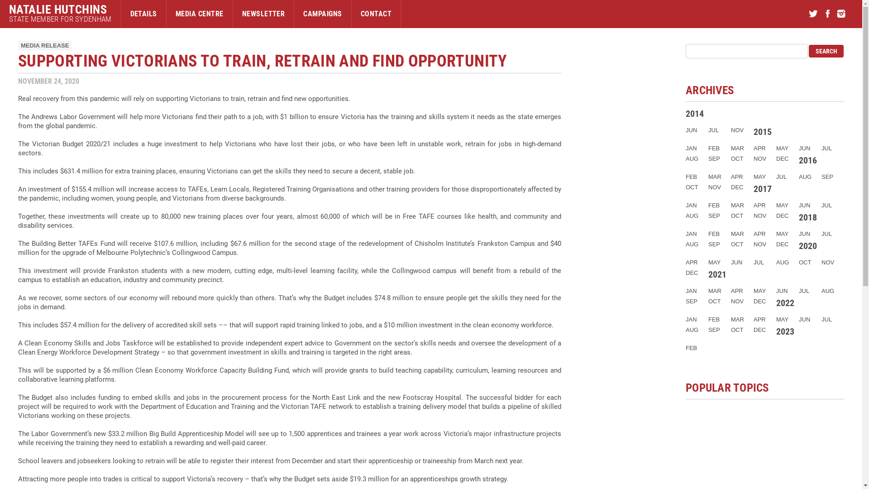 The image size is (869, 489). I want to click on 'search', so click(826, 51).